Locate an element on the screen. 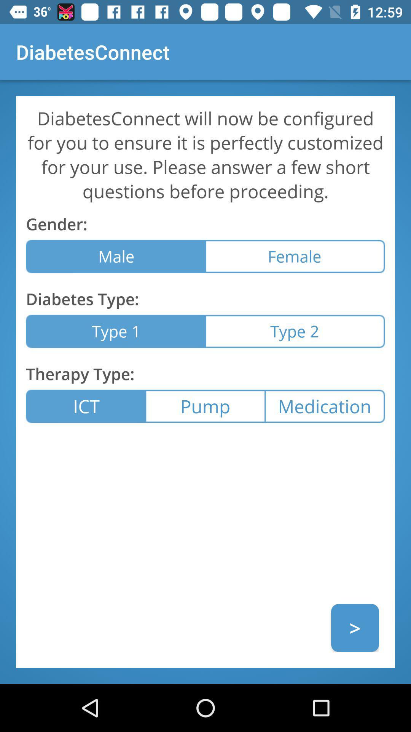  the item to the right of pump icon is located at coordinates (325, 406).